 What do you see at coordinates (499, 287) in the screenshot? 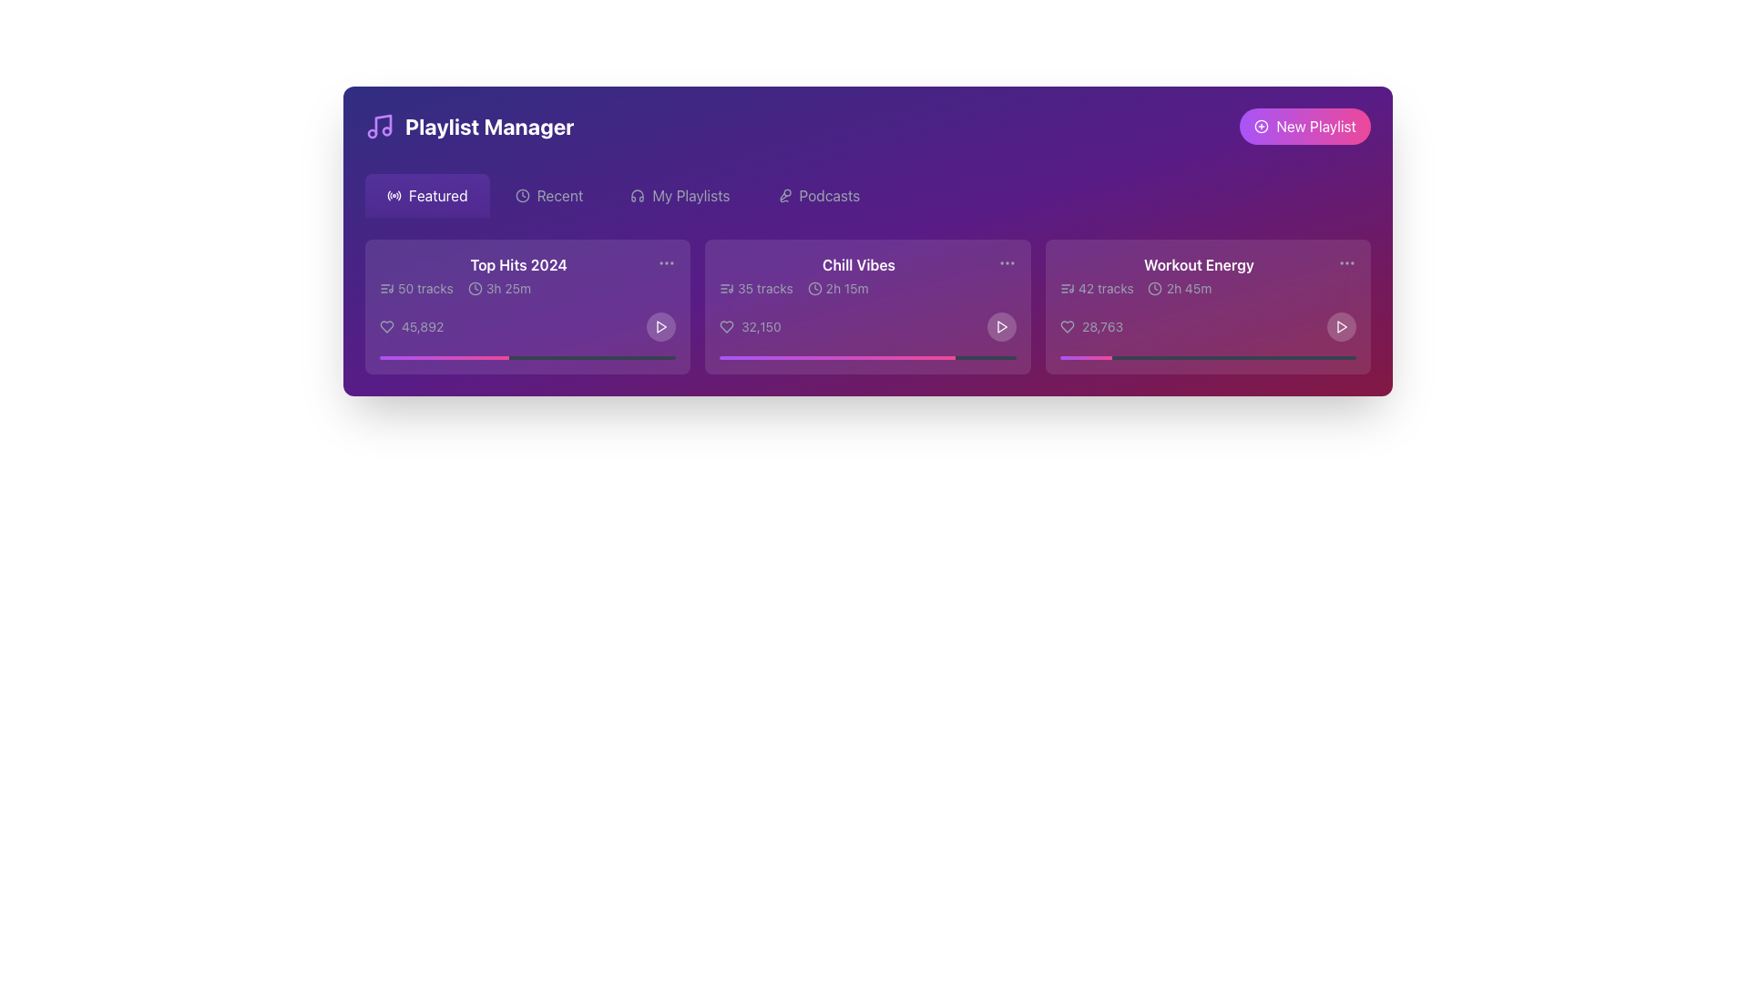
I see `displayed duration text from the informational display located in the 'Top Hits 2024' section, positioned directly right of the '50 tracks' text and above the like count text` at bounding box center [499, 287].